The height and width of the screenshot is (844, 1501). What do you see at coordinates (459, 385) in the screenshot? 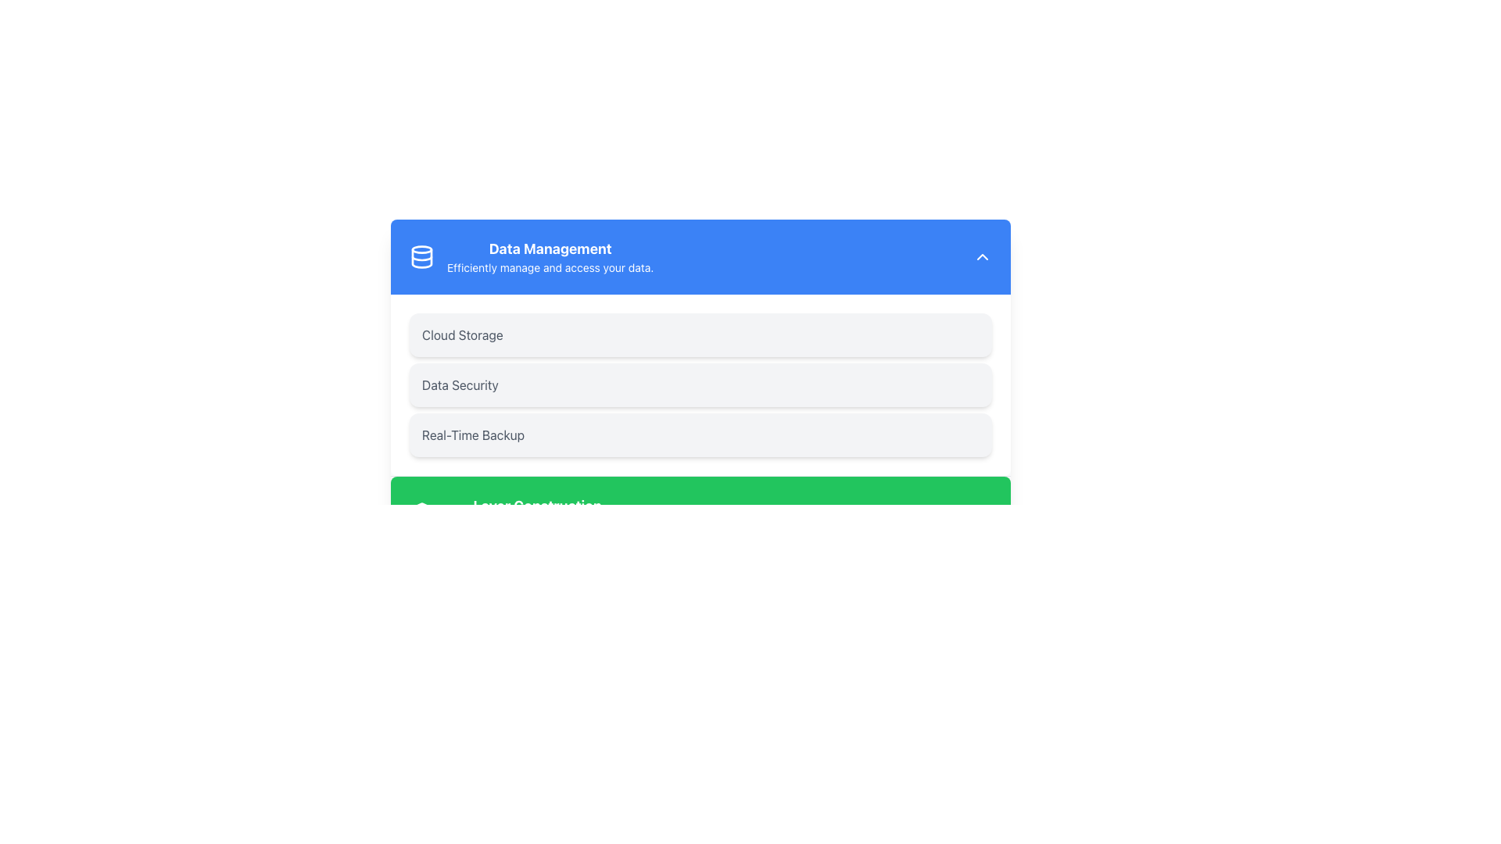
I see `text of the 'Data Security' label located in the second entry of the vertical list within the 'Data Management' card` at bounding box center [459, 385].